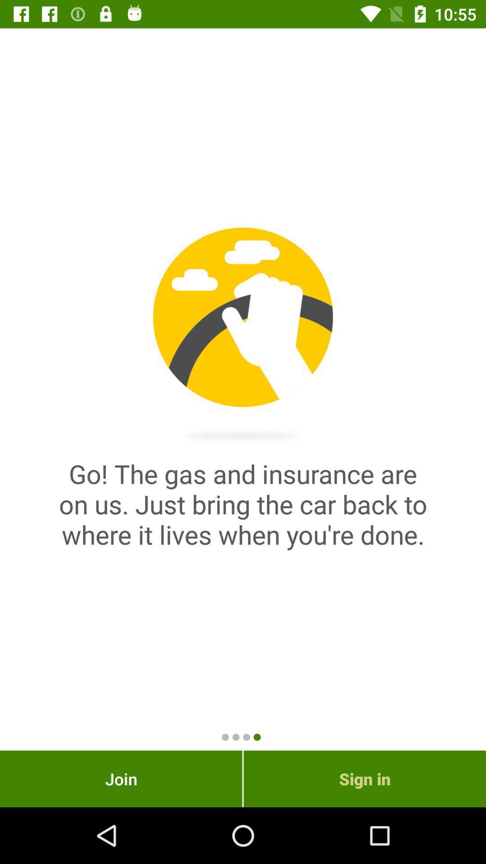 This screenshot has width=486, height=864. What do you see at coordinates (364, 778) in the screenshot?
I see `icon at the bottom right corner` at bounding box center [364, 778].